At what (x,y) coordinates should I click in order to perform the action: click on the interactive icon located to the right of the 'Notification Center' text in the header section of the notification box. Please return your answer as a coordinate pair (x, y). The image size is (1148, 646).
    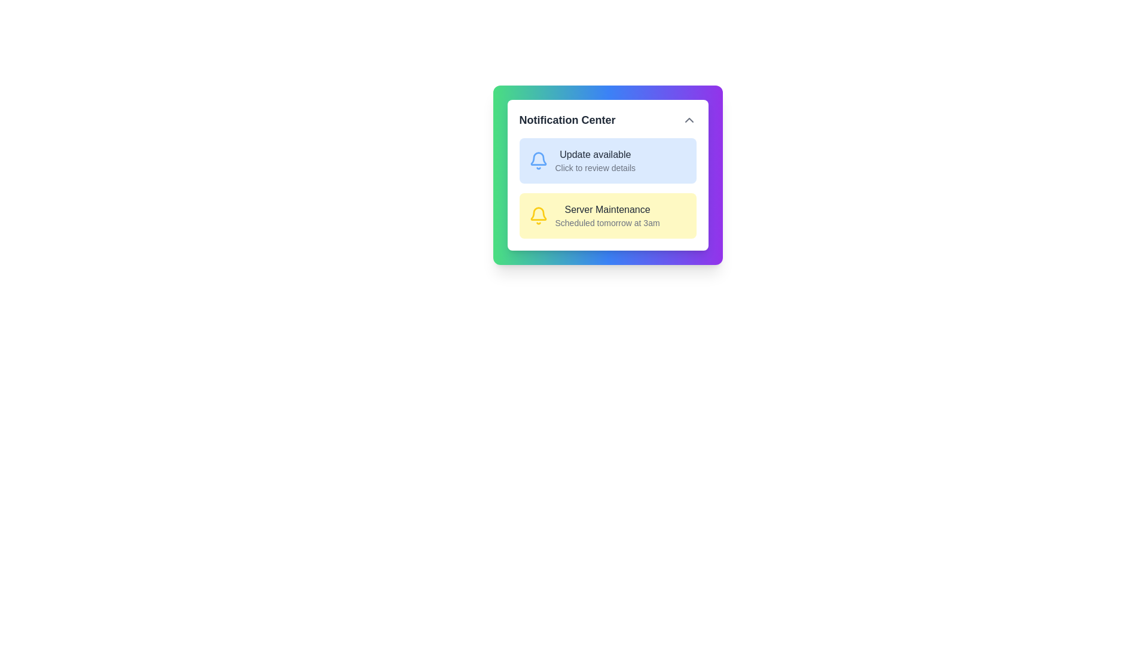
    Looking at the image, I should click on (689, 120).